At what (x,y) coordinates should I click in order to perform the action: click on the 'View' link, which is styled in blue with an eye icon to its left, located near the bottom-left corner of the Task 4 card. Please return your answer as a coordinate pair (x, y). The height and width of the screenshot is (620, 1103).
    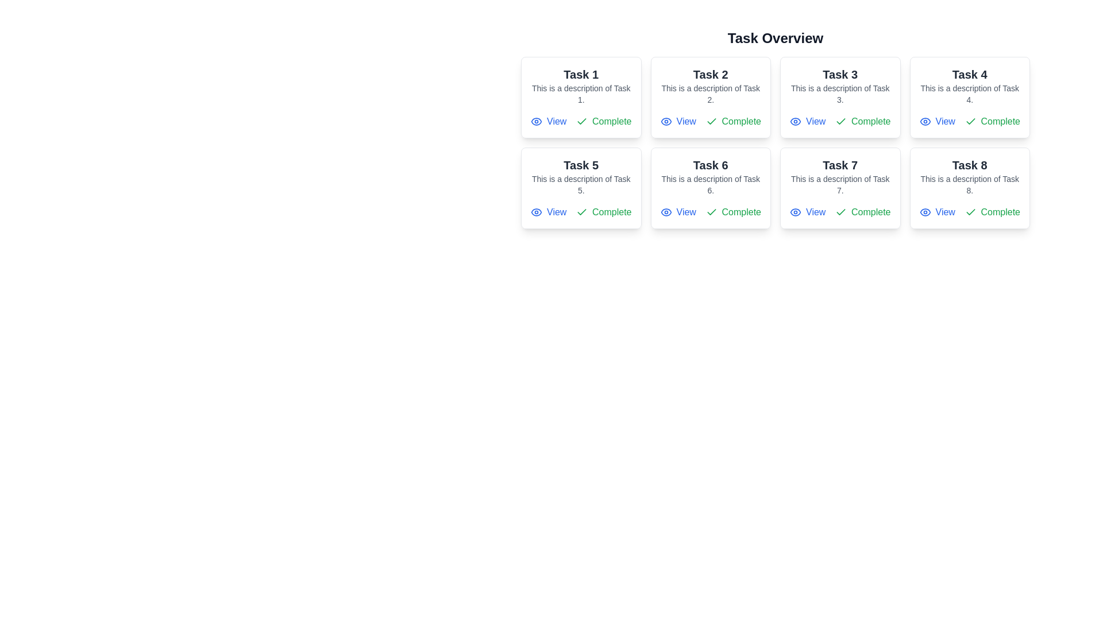
    Looking at the image, I should click on (937, 122).